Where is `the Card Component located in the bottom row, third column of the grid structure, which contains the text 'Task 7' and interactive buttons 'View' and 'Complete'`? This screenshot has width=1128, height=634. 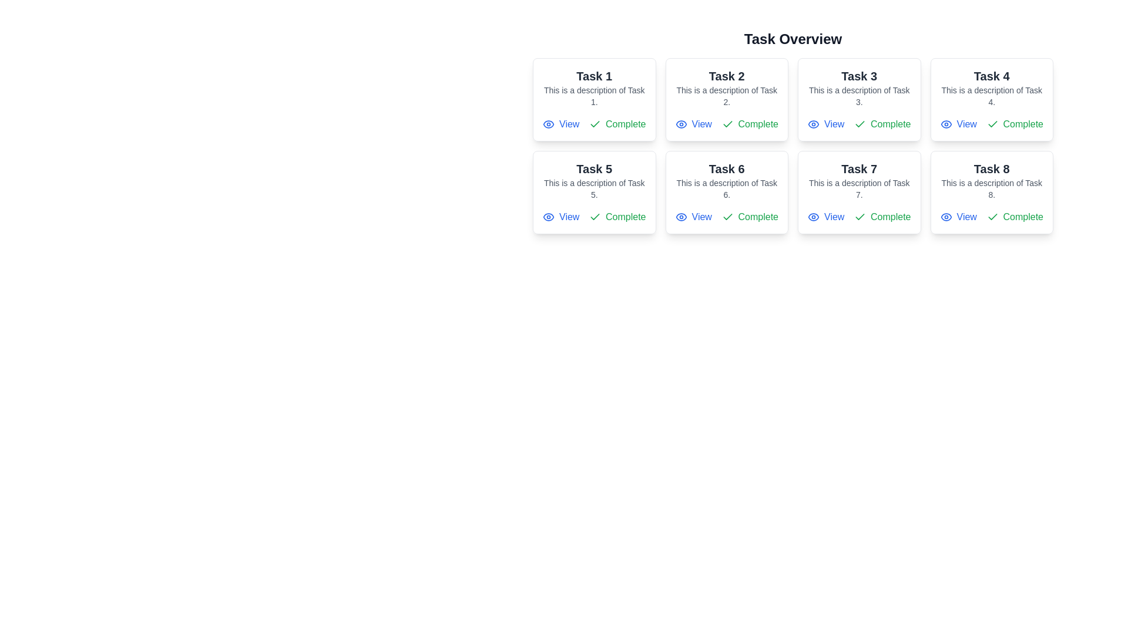
the Card Component located in the bottom row, third column of the grid structure, which contains the text 'Task 7' and interactive buttons 'View' and 'Complete' is located at coordinates (859, 191).